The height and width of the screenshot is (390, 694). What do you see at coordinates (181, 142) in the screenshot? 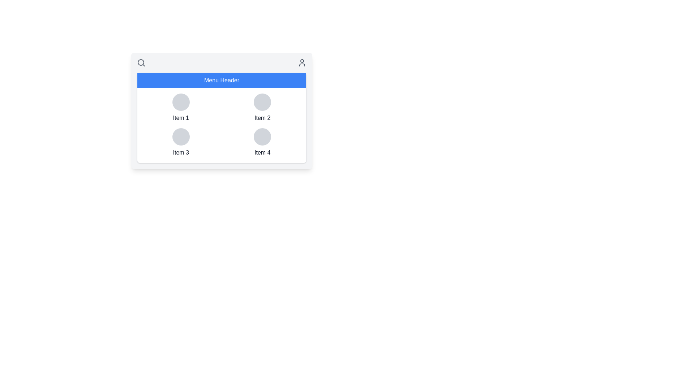
I see `the circular icon above the label 'Item 3' in the vertically aligned button group located in the left column of the second row` at bounding box center [181, 142].